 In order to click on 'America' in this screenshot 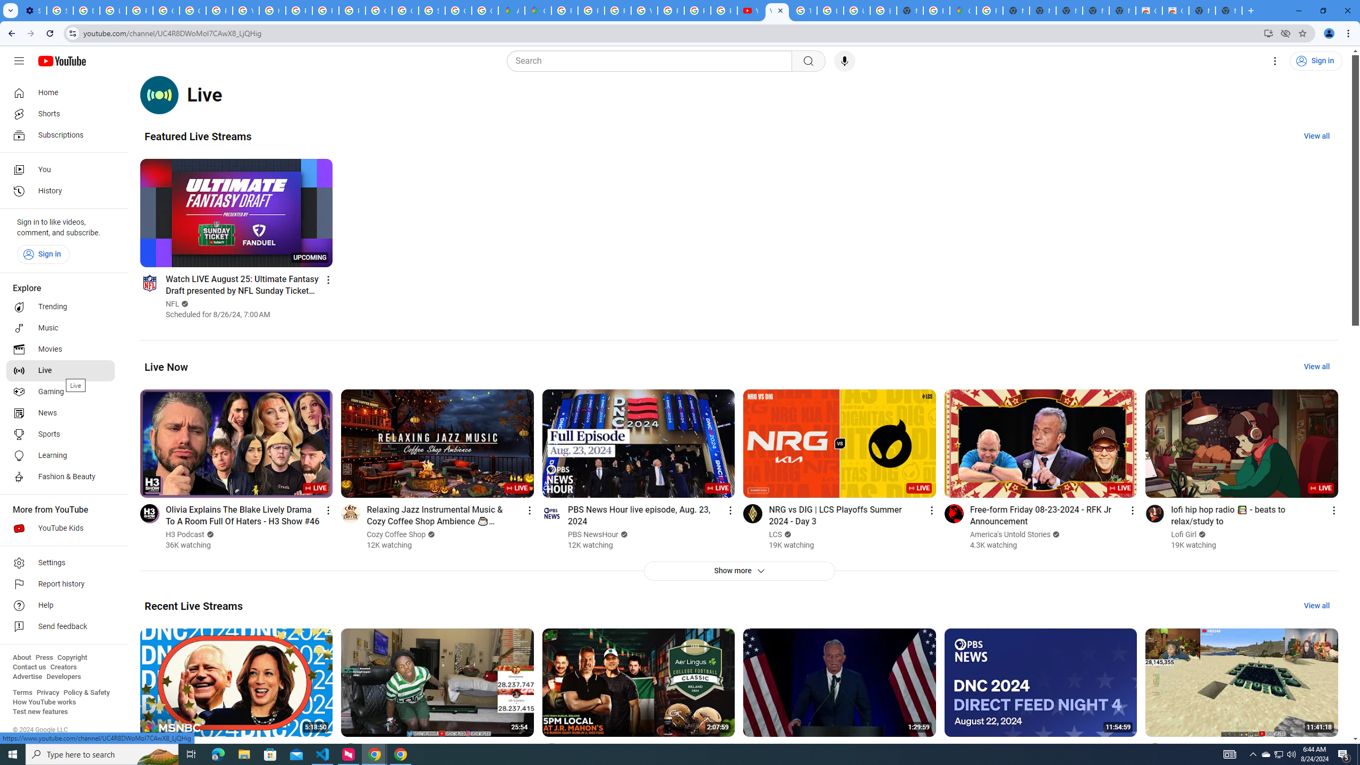, I will do `click(1010, 534)`.